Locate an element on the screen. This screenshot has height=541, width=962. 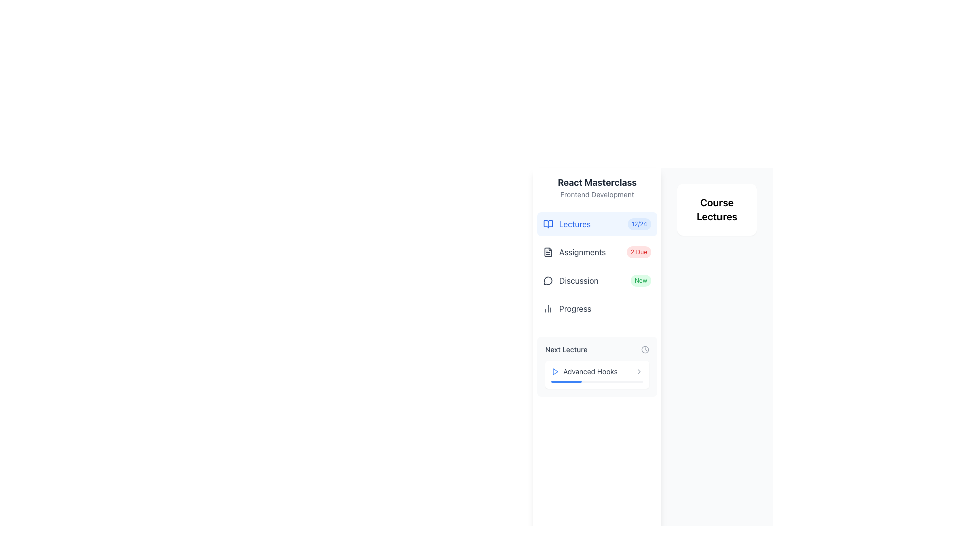
the 'Progress' navigation icon located in the top right sidebar, serving as a visual indicator for the progress section is located at coordinates (548, 308).